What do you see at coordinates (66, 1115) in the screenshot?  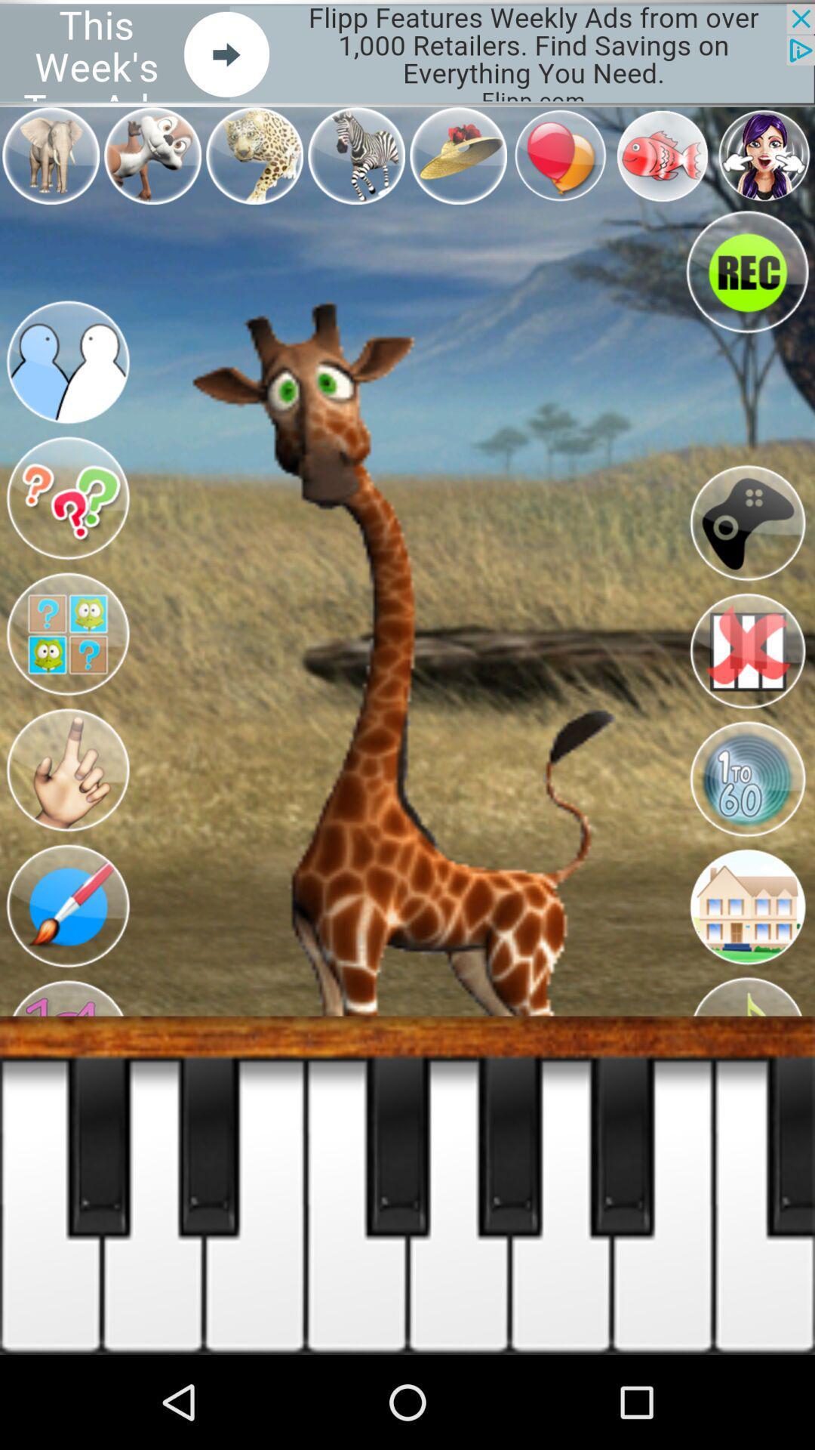 I see `the add icon` at bounding box center [66, 1115].